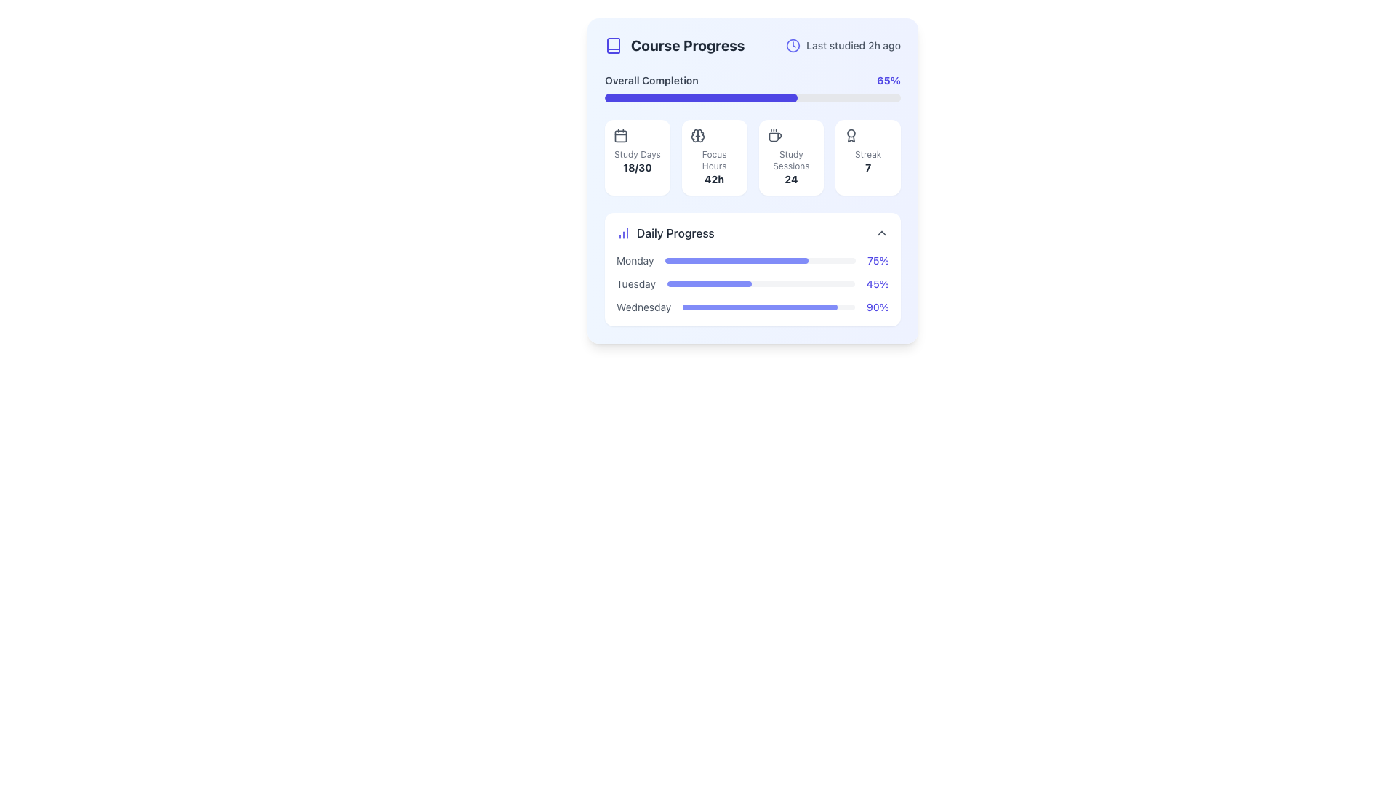  I want to click on the first Informational card in the 'Course Progress' section, which displays 'Study Days' and '18/30', so click(637, 157).